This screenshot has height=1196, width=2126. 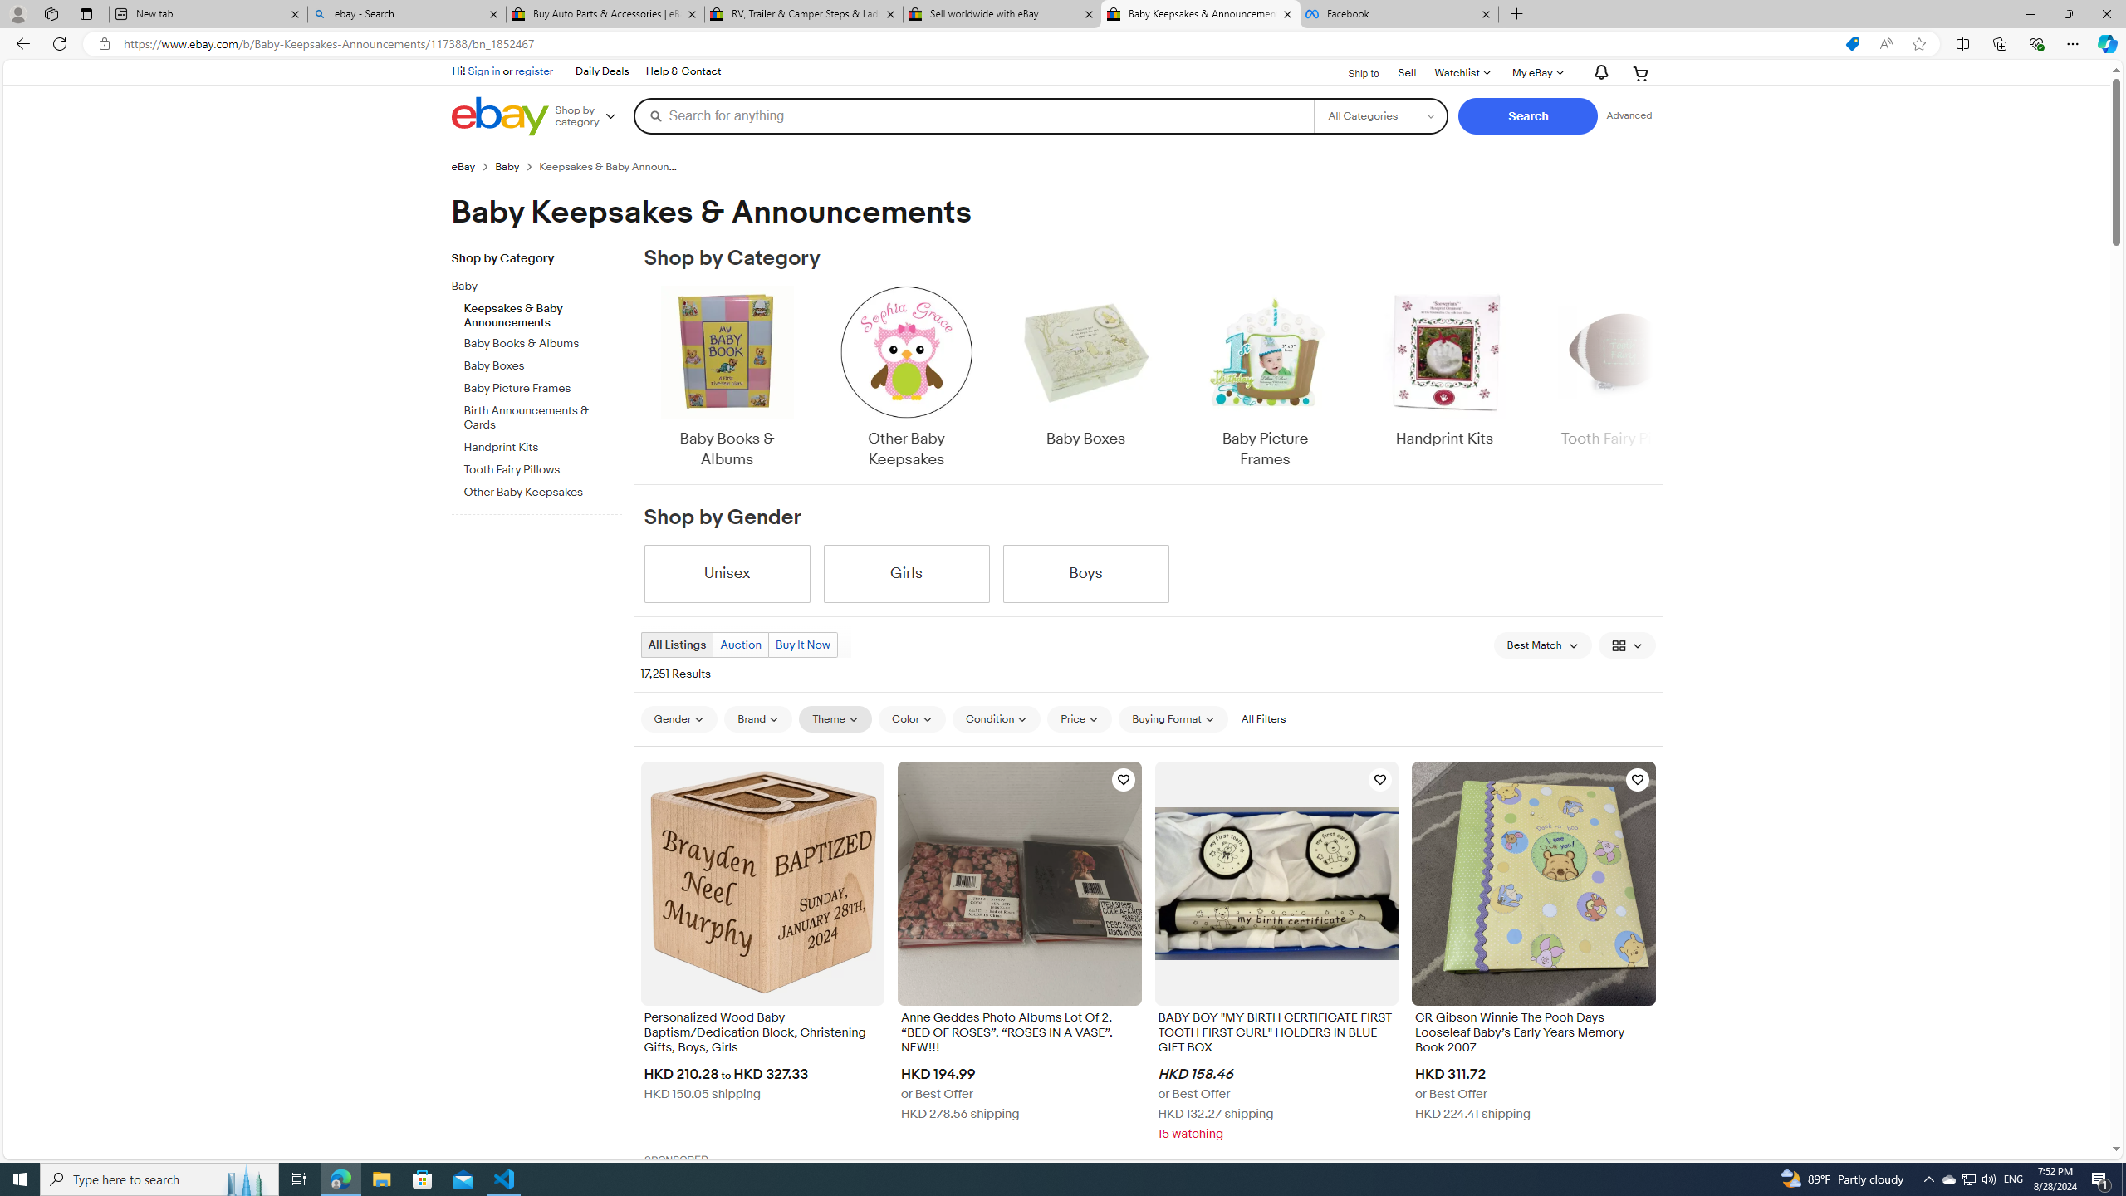 What do you see at coordinates (1641, 72) in the screenshot?
I see `'Your shopping cart'` at bounding box center [1641, 72].